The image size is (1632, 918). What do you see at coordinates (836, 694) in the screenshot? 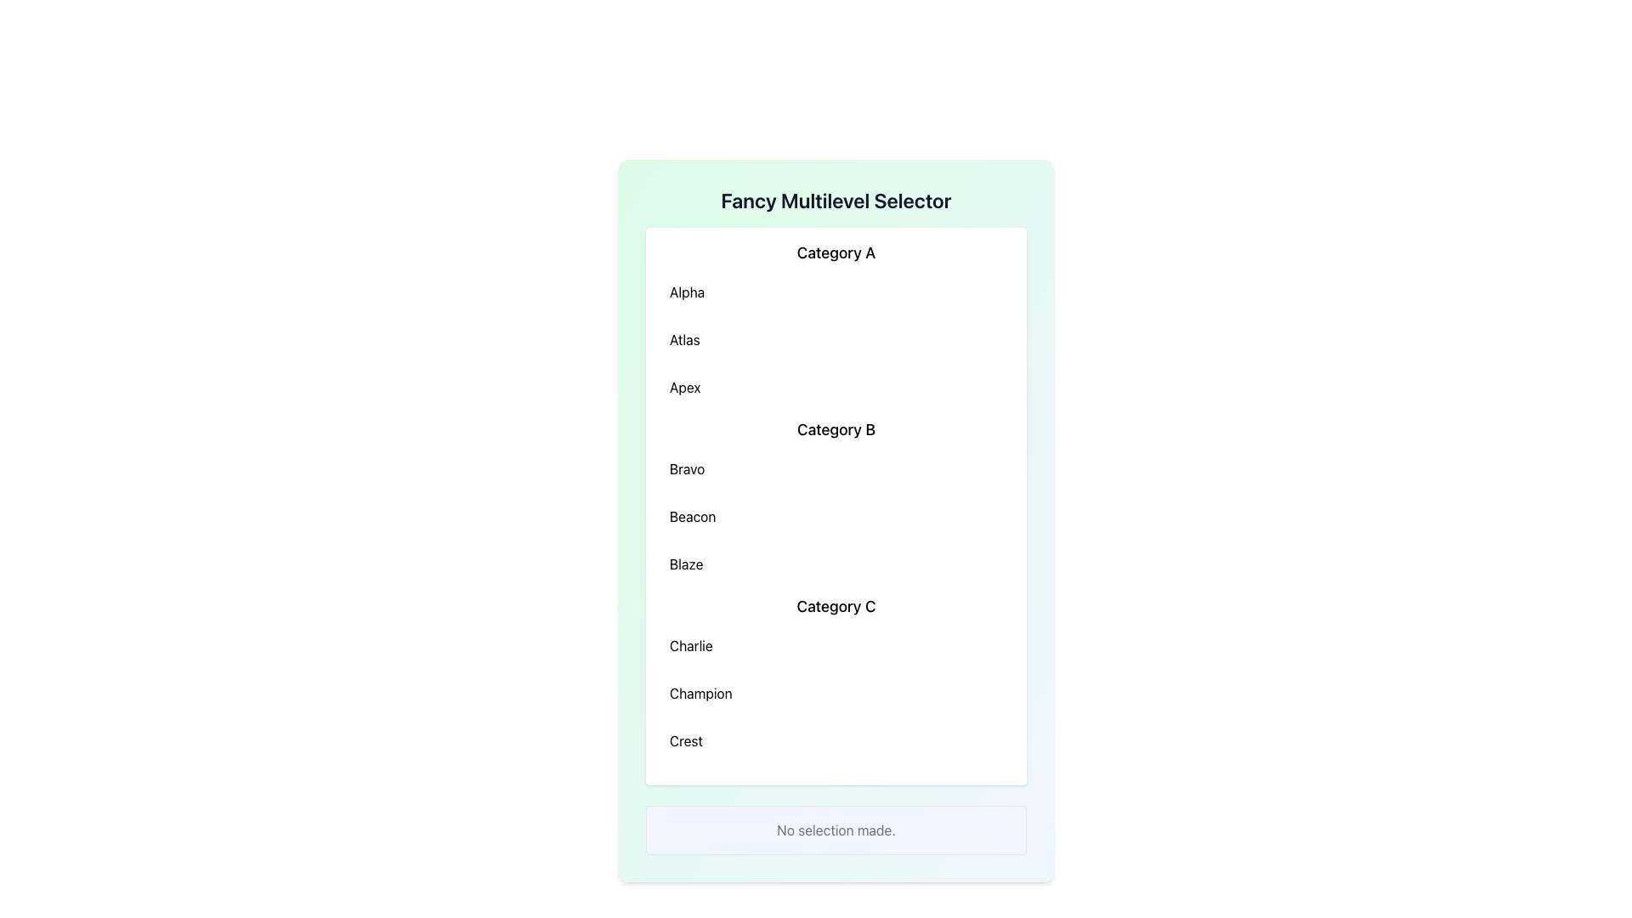
I see `the selectable item labeled 'Champion' located under the 'Category C' section` at bounding box center [836, 694].